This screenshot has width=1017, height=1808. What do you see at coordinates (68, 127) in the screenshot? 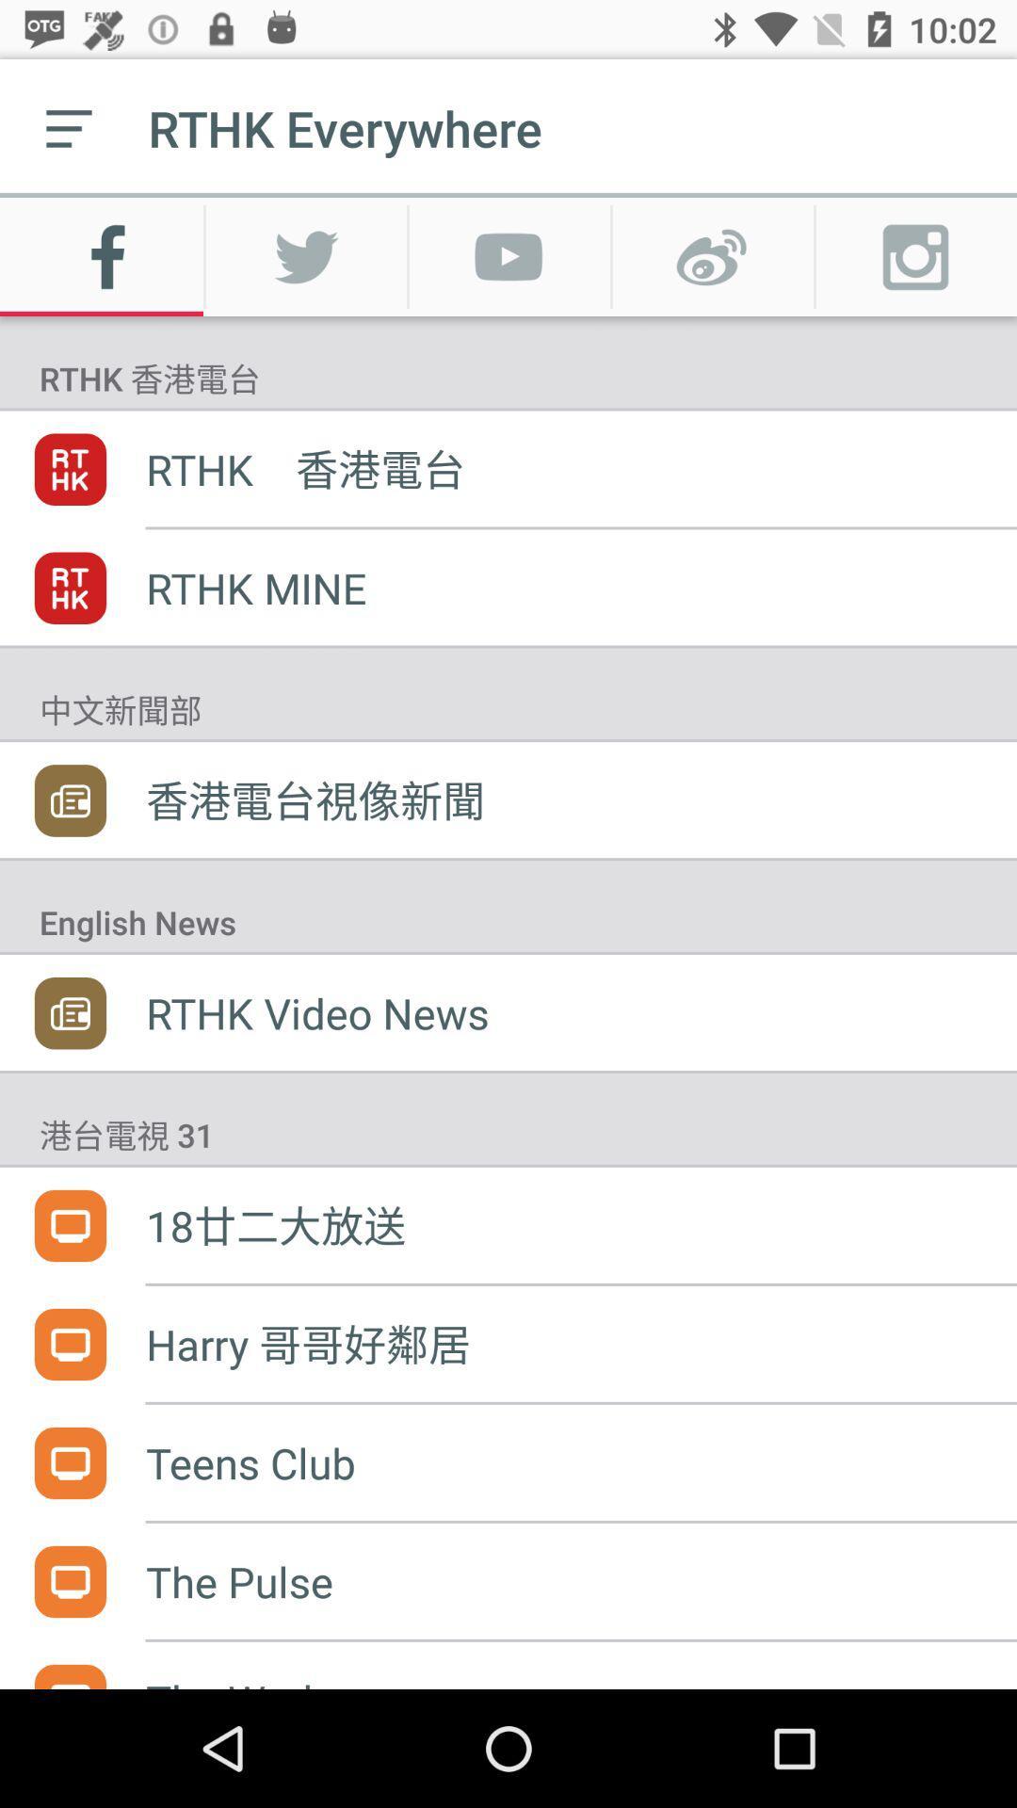
I see `the item next to the rthk everywhere app` at bounding box center [68, 127].